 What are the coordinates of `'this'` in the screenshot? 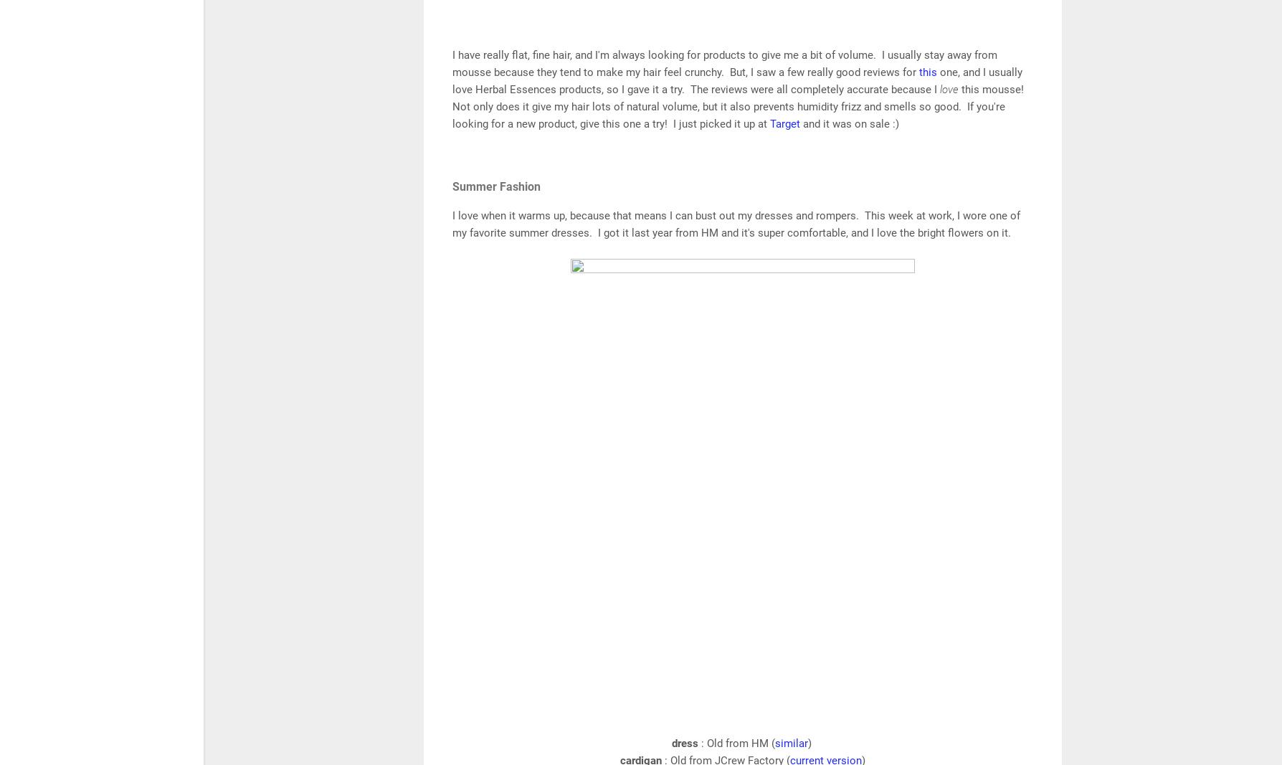 It's located at (929, 72).